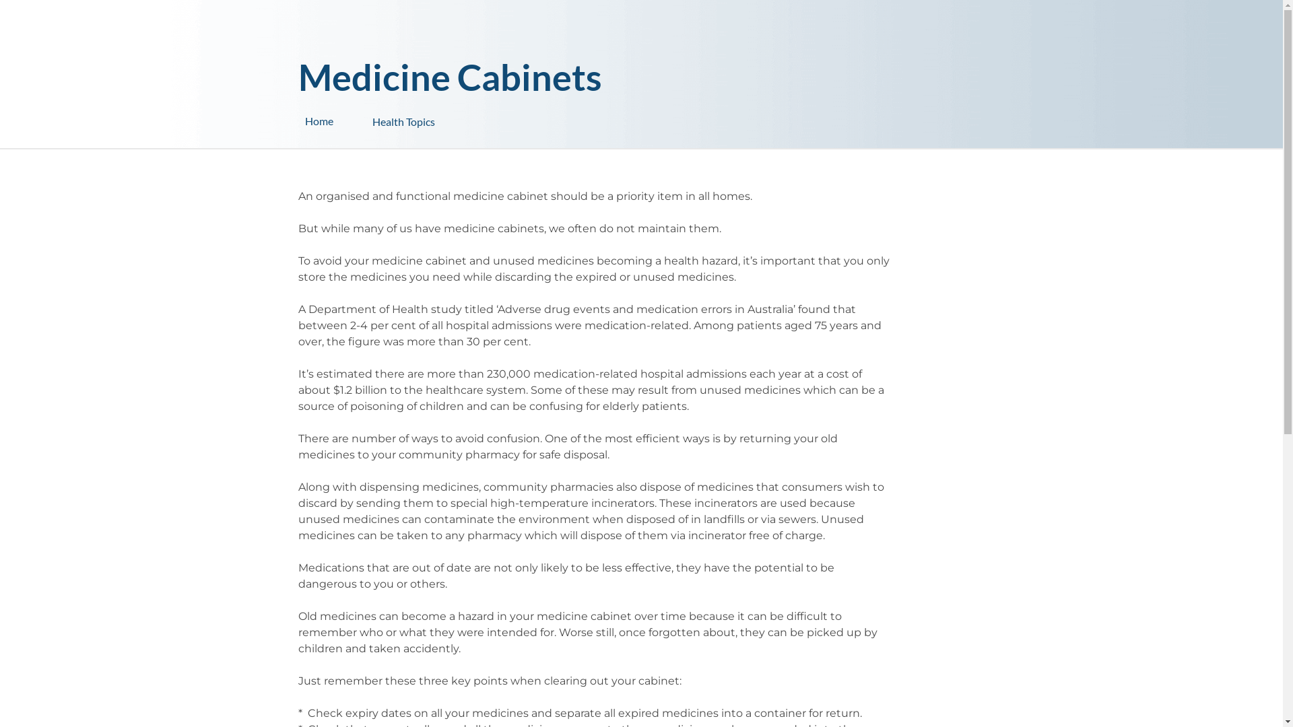 This screenshot has height=727, width=1293. What do you see at coordinates (338, 121) in the screenshot?
I see `'Home'` at bounding box center [338, 121].